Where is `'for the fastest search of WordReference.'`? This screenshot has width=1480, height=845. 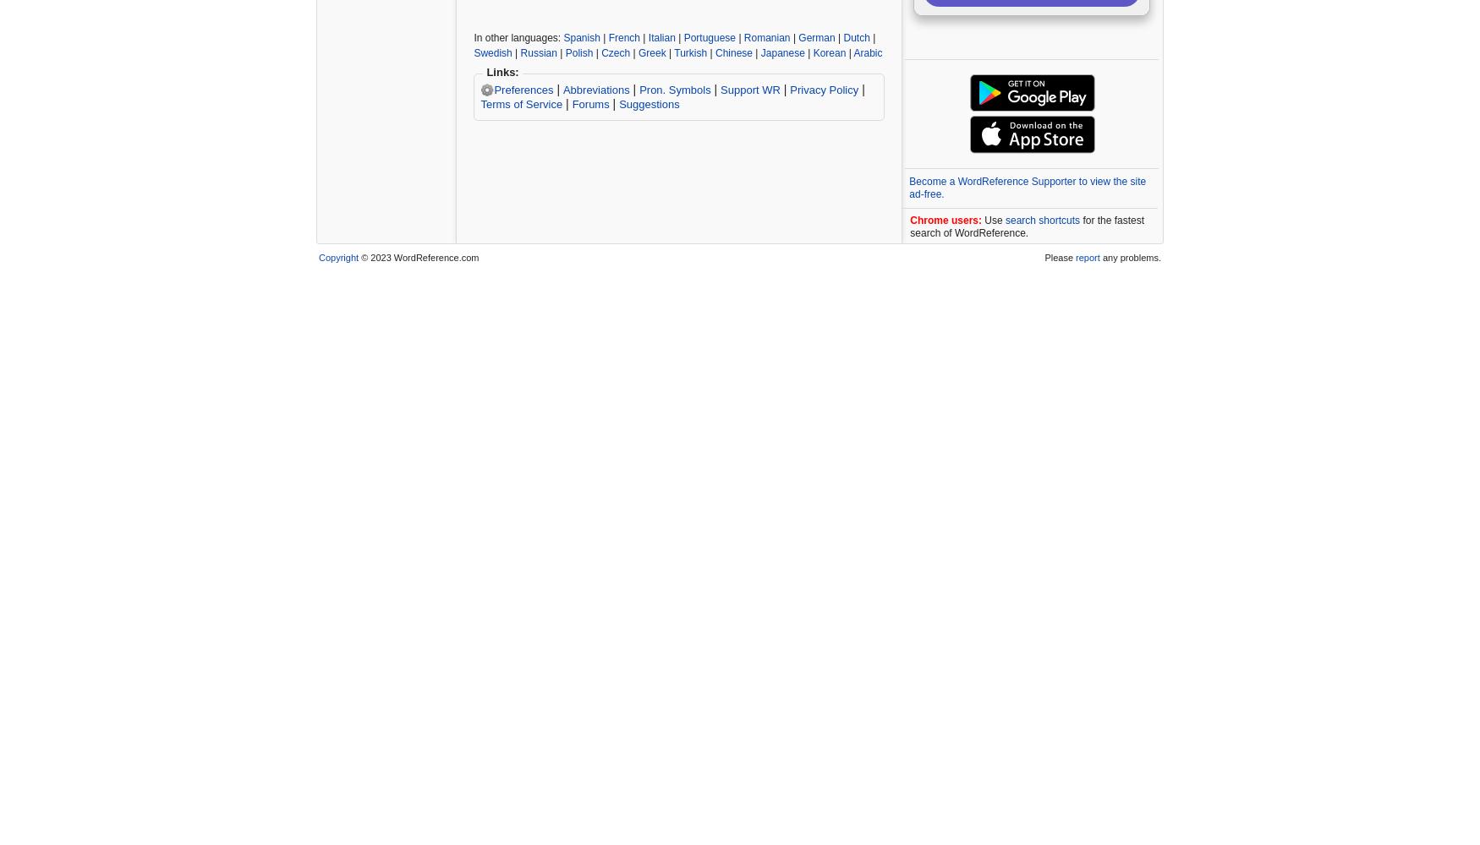 'for the fastest search of WordReference.' is located at coordinates (1027, 226).